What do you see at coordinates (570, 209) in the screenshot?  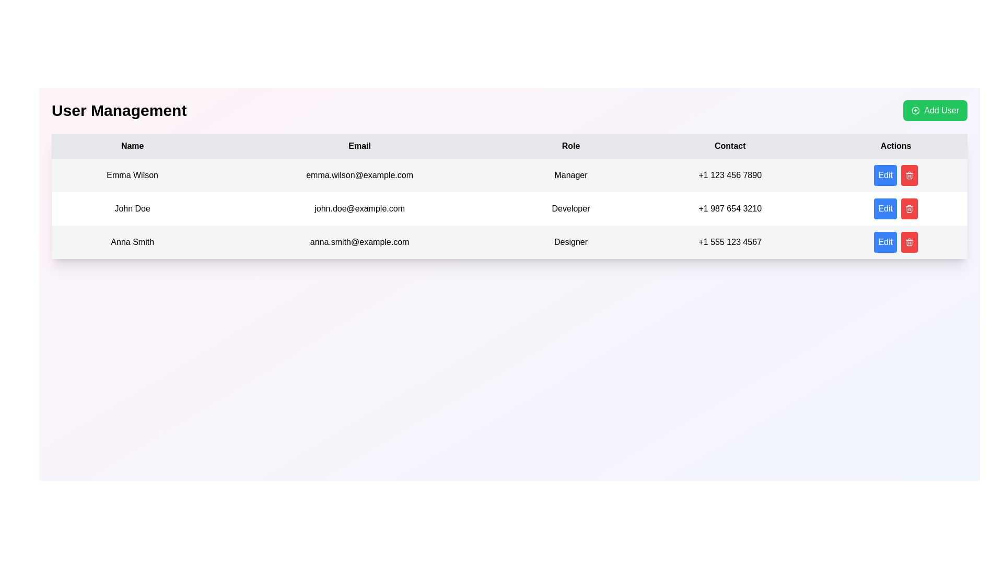 I see `the Text label displaying 'Developer' located in the third column of the second row under the header 'Role'` at bounding box center [570, 209].